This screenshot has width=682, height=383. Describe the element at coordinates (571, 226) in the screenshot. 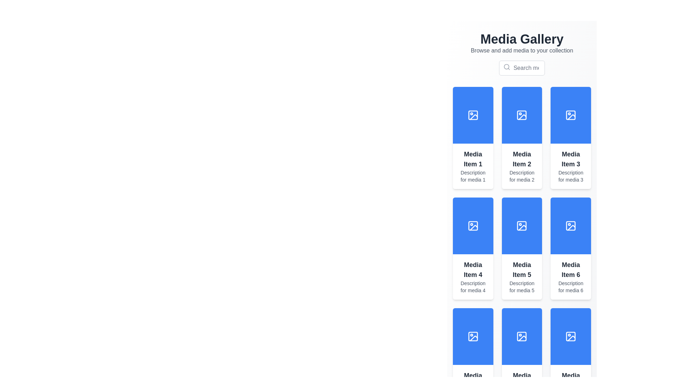

I see `the details of the card labeled 'Media Item 6' by clicking on the decorative Icon subcomponent located in the third column of the second row in the grid layout` at that location.